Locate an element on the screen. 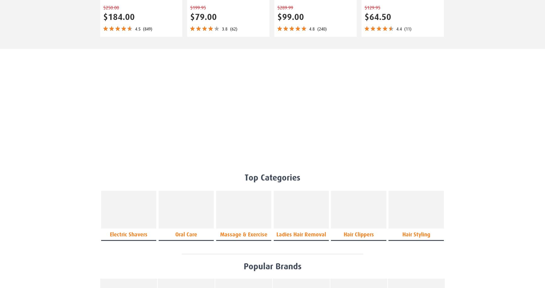 Image resolution: width=545 pixels, height=288 pixels. '$79.00' is located at coordinates (203, 17).